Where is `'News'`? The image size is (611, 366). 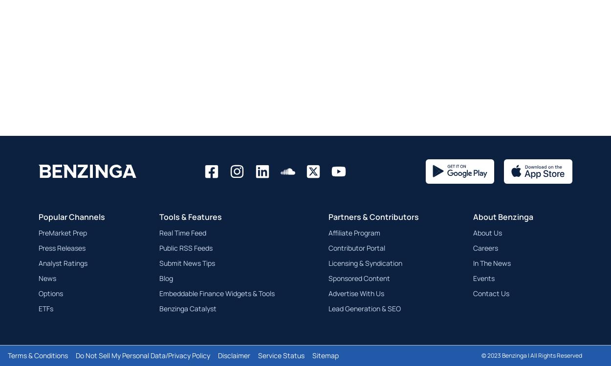 'News' is located at coordinates (47, 278).